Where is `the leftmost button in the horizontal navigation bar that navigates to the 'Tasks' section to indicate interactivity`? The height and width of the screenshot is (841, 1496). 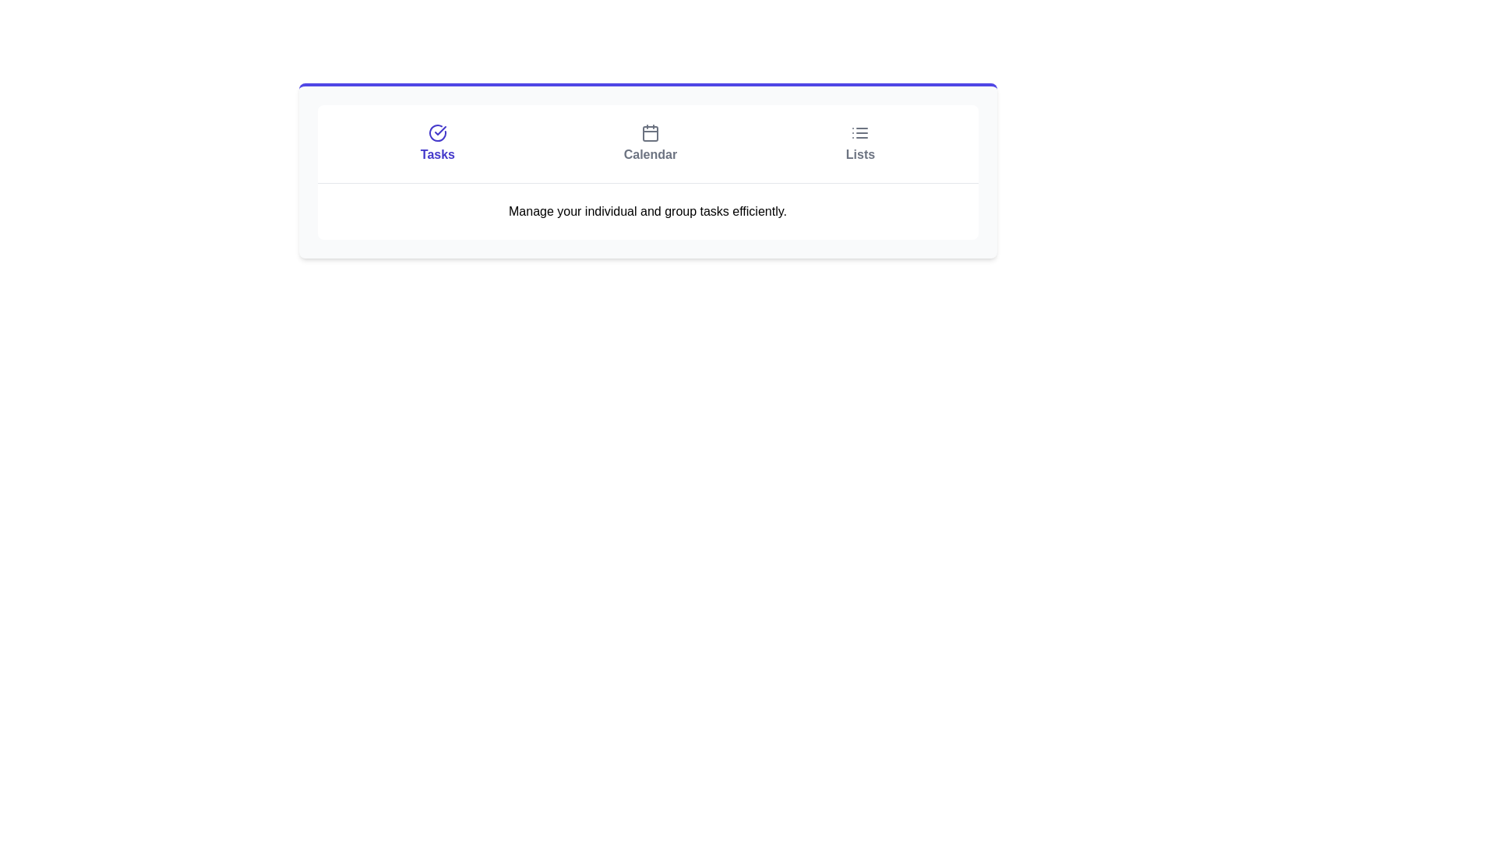 the leftmost button in the horizontal navigation bar that navigates to the 'Tasks' section to indicate interactivity is located at coordinates (436, 144).